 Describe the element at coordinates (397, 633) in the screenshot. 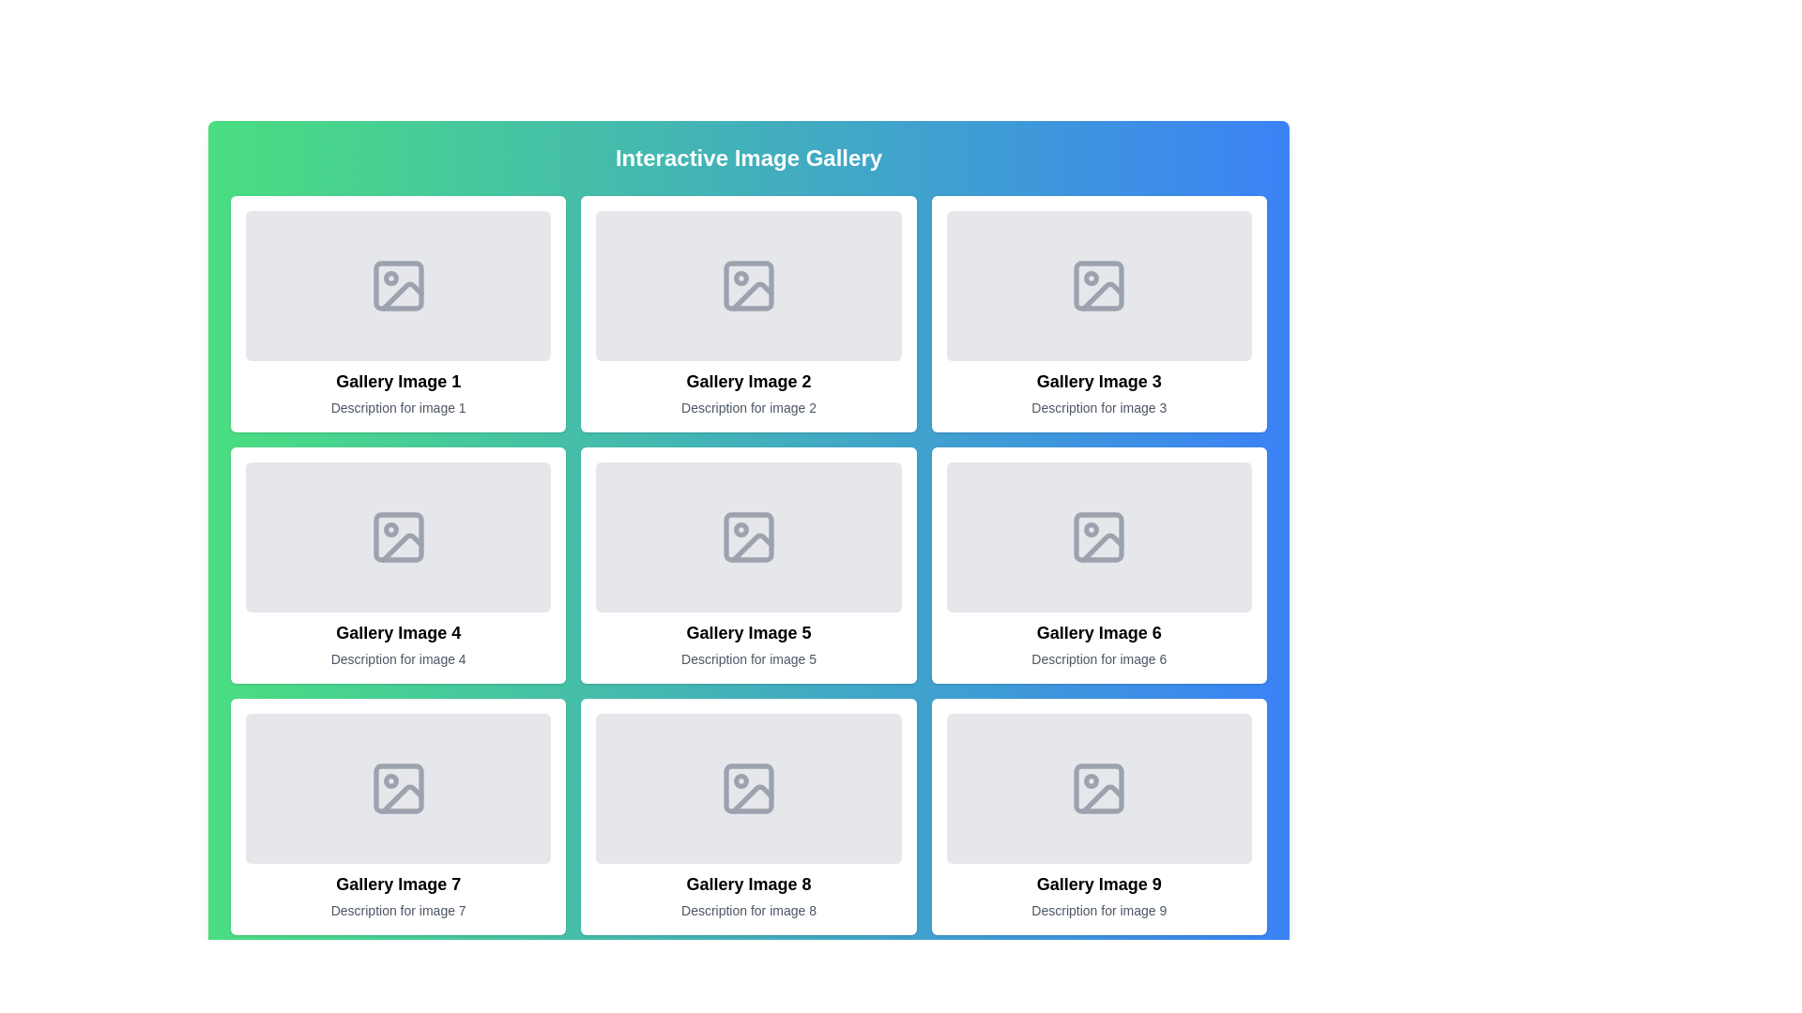

I see `text label 'Gallery Image 4' which is styled in bold and slightly larger font, located in the fourth card of a 3x3 grid, directly under an image placeholder` at that location.